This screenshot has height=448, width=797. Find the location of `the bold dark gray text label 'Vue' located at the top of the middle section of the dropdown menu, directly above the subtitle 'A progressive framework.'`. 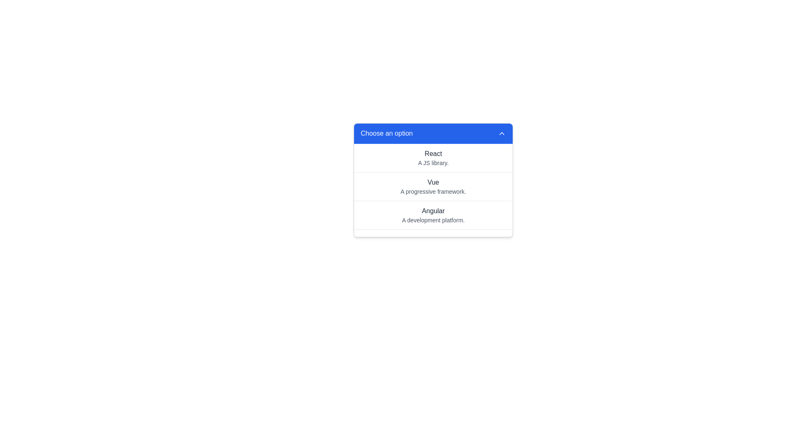

the bold dark gray text label 'Vue' located at the top of the middle section of the dropdown menu, directly above the subtitle 'A progressive framework.' is located at coordinates (433, 182).